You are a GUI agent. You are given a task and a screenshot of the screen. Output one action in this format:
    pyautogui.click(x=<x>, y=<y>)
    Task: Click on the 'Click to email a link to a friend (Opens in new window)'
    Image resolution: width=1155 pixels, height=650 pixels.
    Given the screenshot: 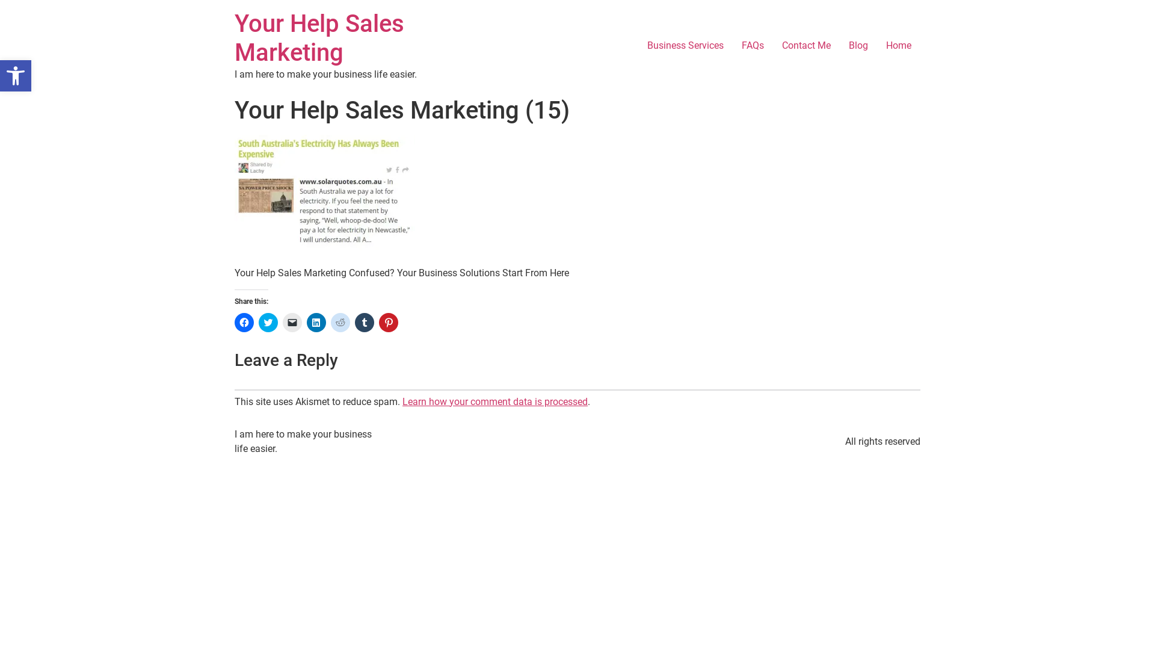 What is the action you would take?
    pyautogui.click(x=282, y=322)
    